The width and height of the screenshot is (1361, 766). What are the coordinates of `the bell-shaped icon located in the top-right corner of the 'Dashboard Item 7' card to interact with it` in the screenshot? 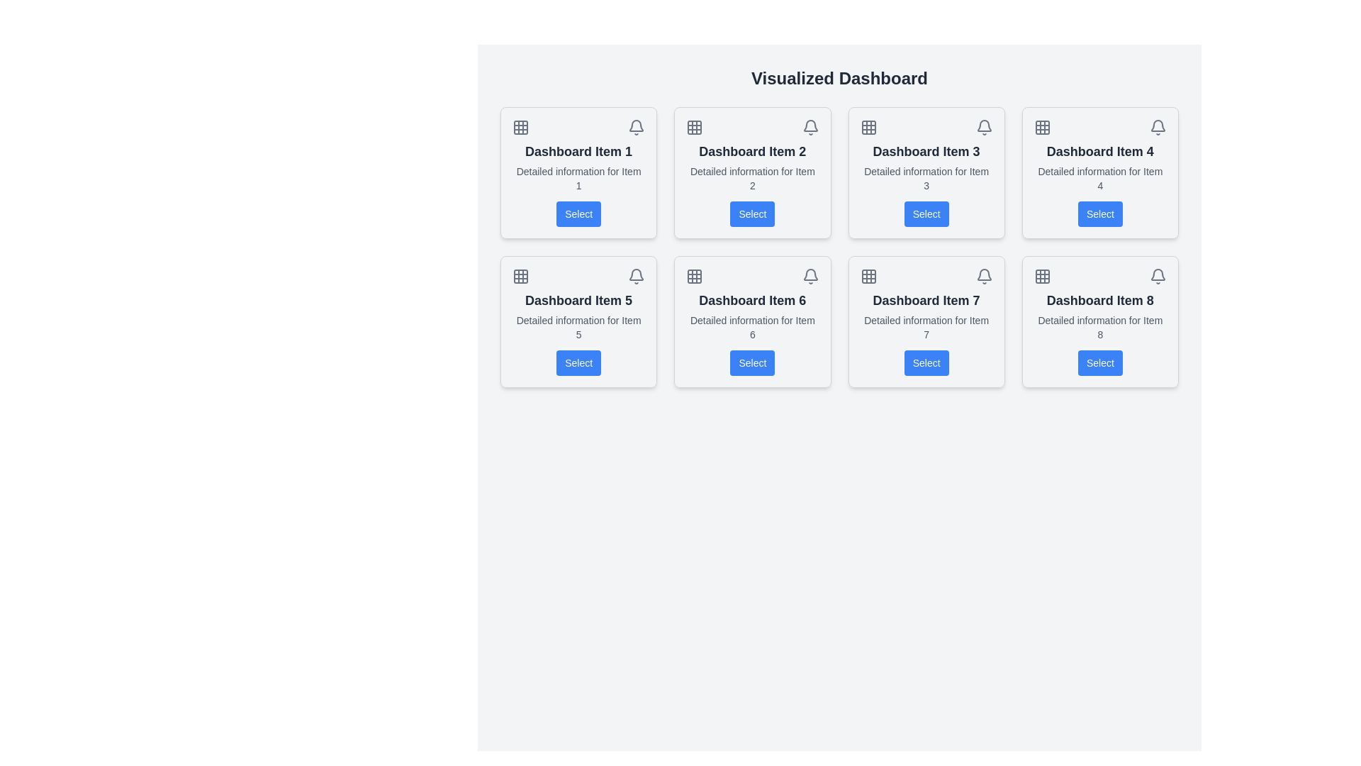 It's located at (982, 274).